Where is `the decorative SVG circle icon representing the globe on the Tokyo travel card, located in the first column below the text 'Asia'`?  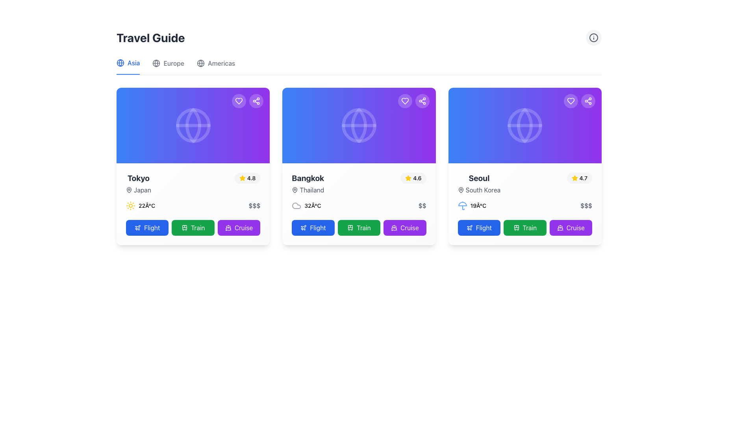 the decorative SVG circle icon representing the globe on the Tokyo travel card, located in the first column below the text 'Asia' is located at coordinates (193, 125).